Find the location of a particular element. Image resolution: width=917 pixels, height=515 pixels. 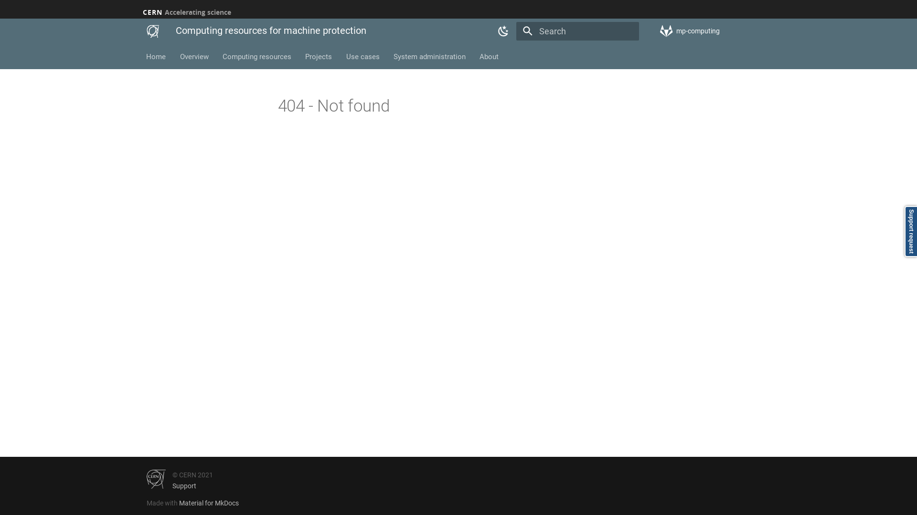

'Home' is located at coordinates (156, 57).